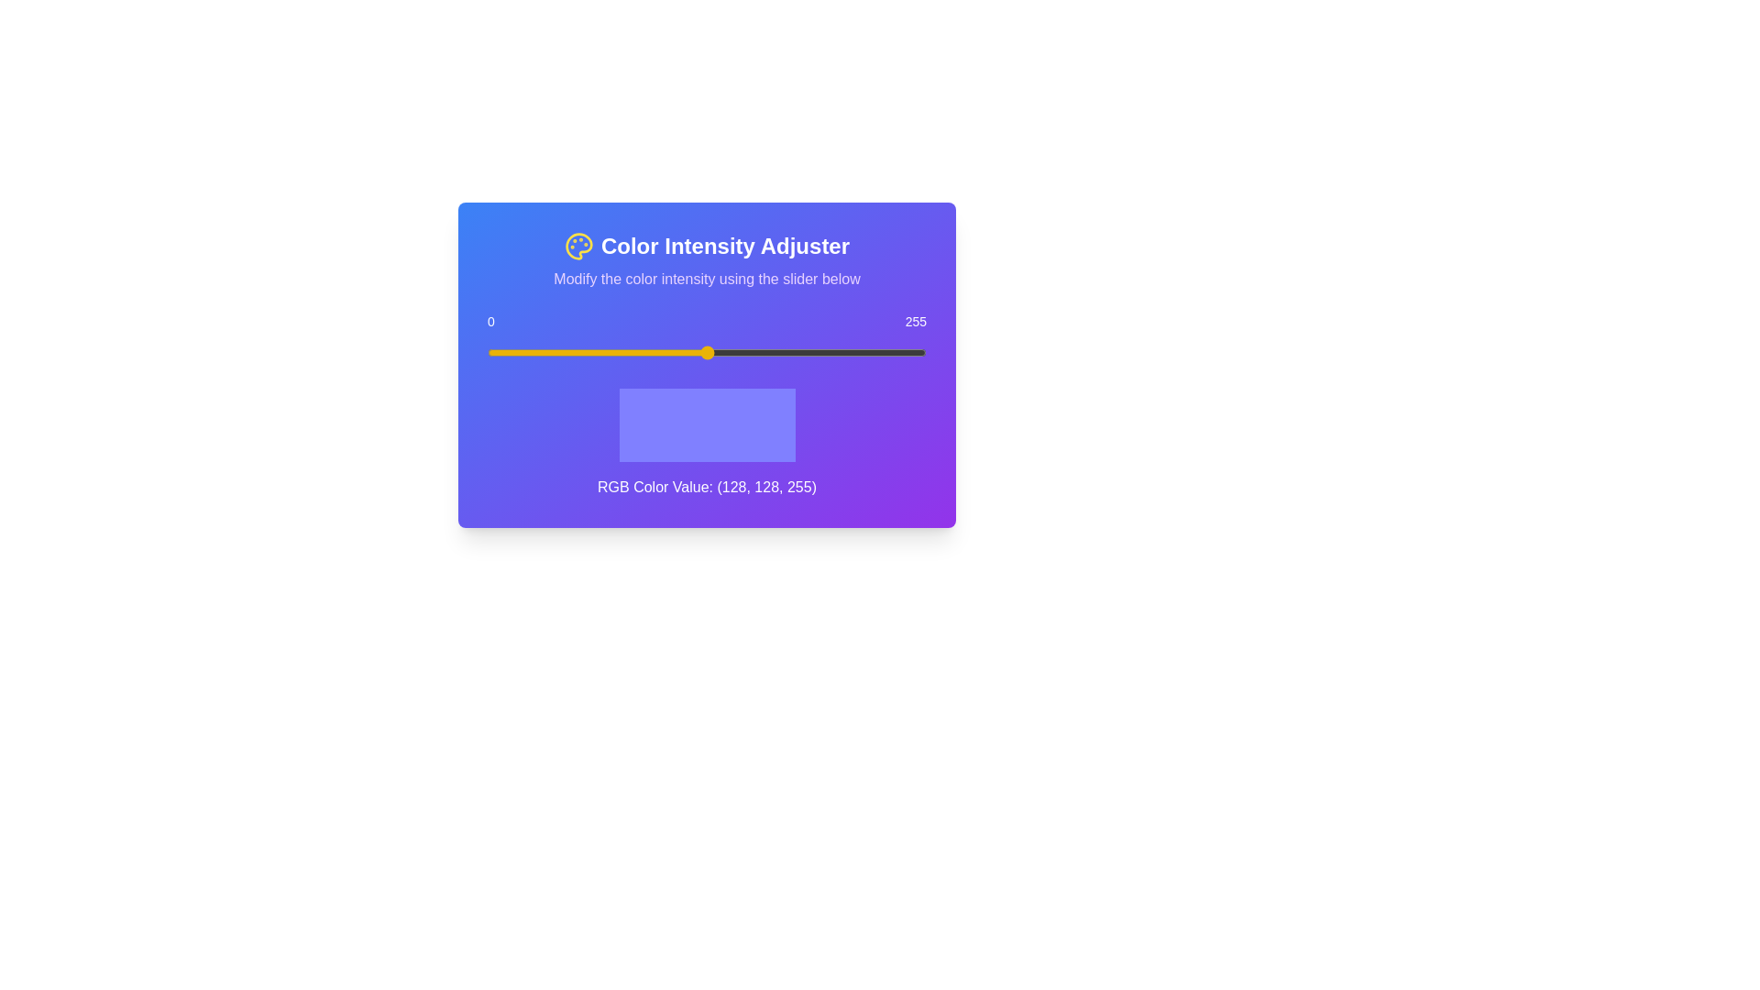  What do you see at coordinates (832, 353) in the screenshot?
I see `the slider to set the color intensity to 201` at bounding box center [832, 353].